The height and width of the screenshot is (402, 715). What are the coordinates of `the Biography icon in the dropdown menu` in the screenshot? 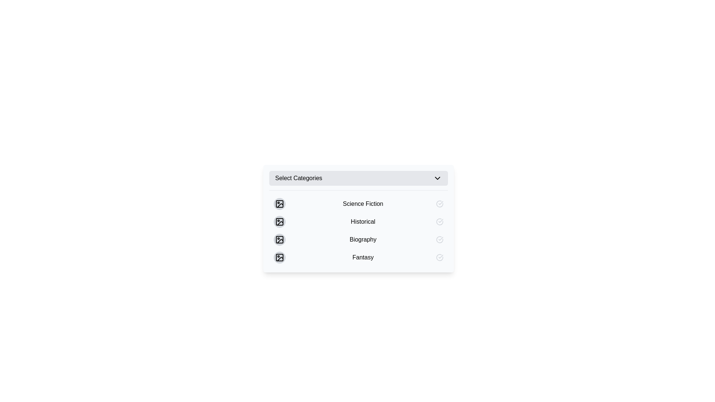 It's located at (279, 240).